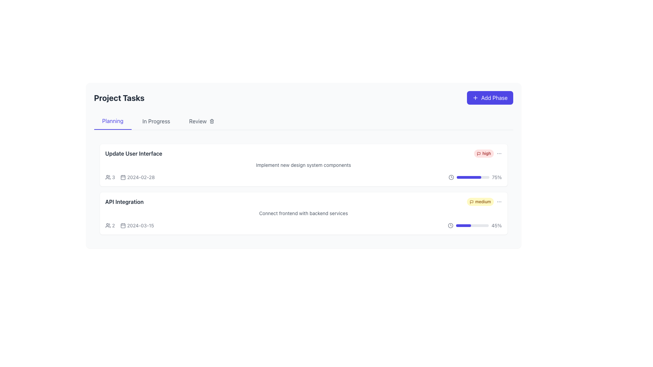 This screenshot has width=653, height=367. What do you see at coordinates (130, 177) in the screenshot?
I see `the Text Display element that shows a textual date value, located in the top task card under the 'Planning' tab, next to a group icon and numeral` at bounding box center [130, 177].